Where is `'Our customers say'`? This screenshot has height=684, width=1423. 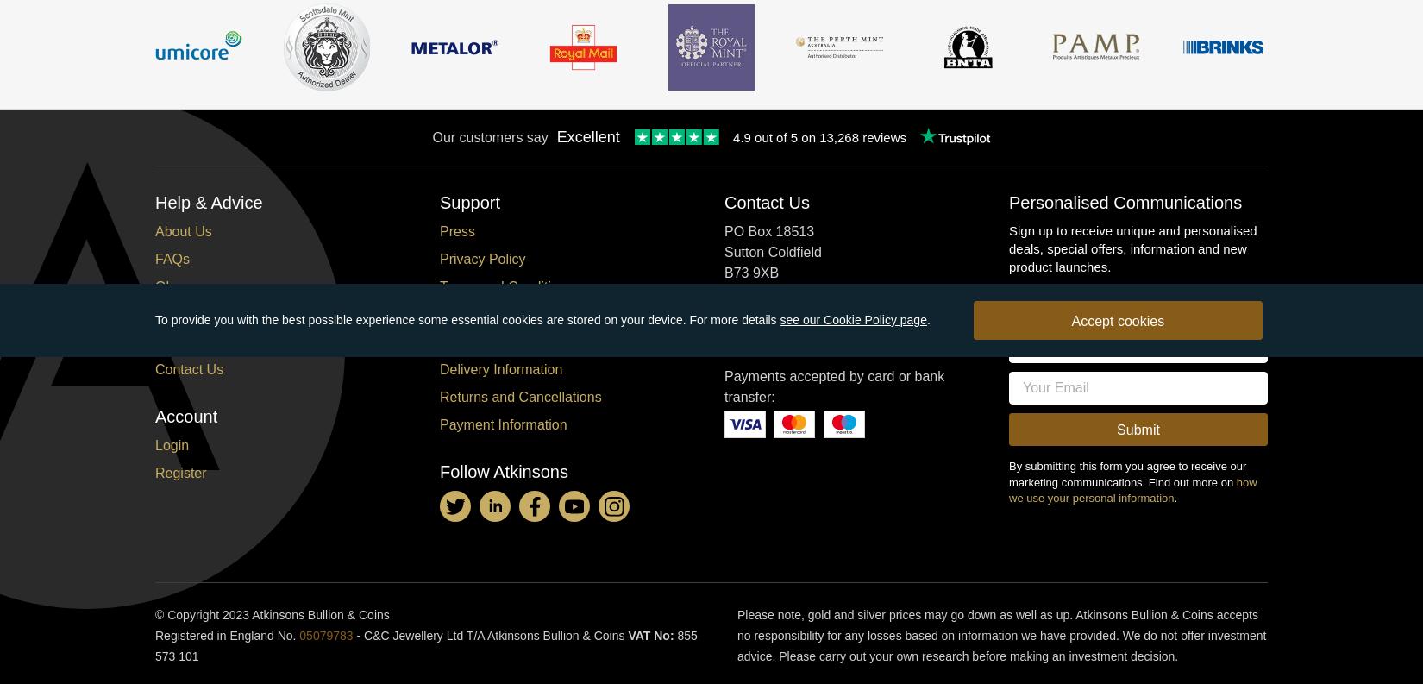
'Our customers say' is located at coordinates (488, 136).